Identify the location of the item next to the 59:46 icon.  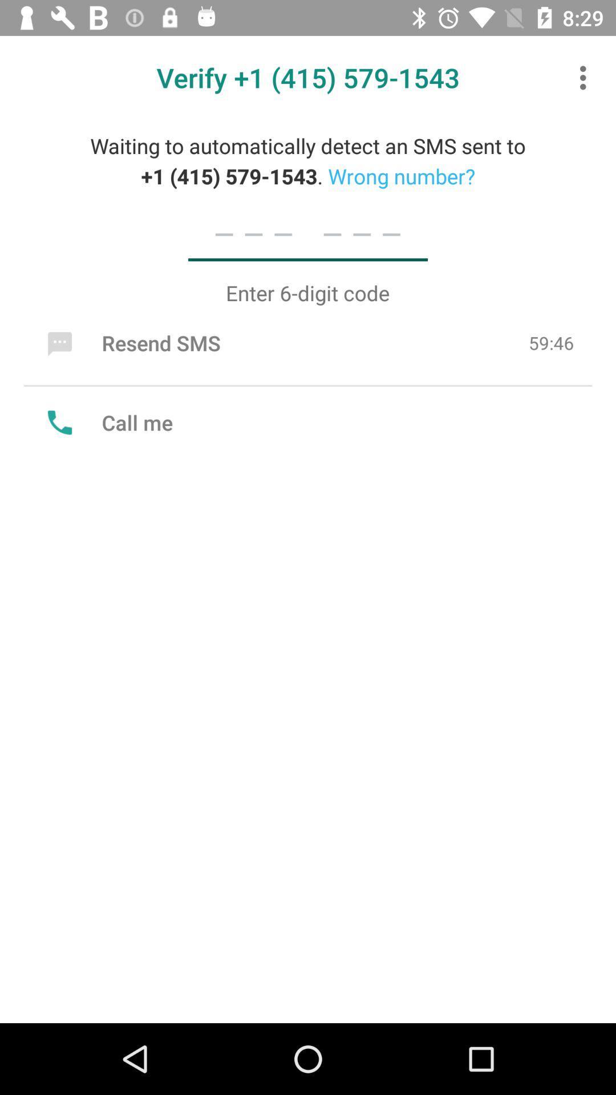
(131, 342).